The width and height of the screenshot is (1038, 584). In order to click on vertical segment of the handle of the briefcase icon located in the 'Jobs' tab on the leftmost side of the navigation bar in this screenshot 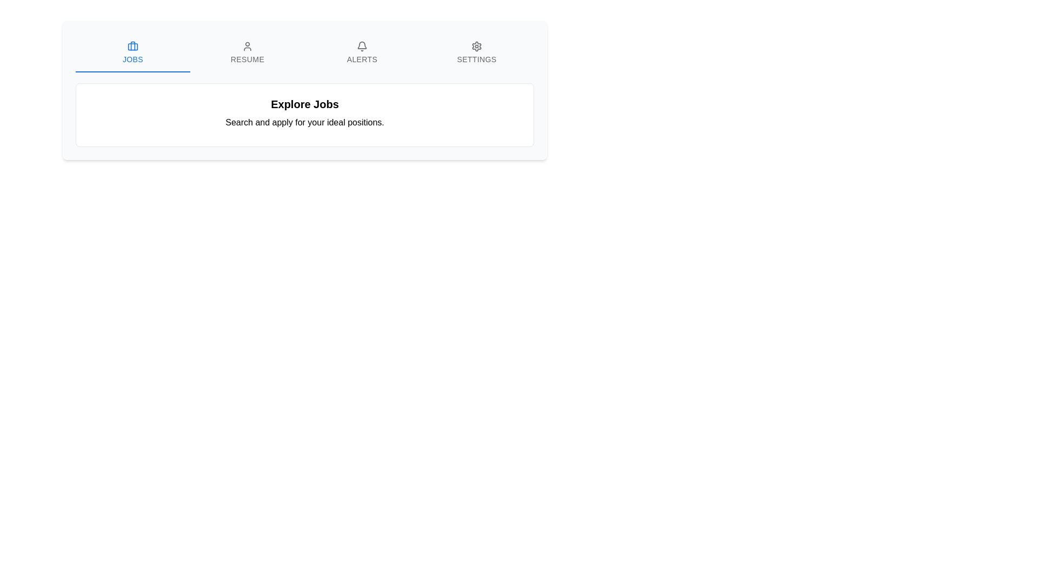, I will do `click(132, 45)`.